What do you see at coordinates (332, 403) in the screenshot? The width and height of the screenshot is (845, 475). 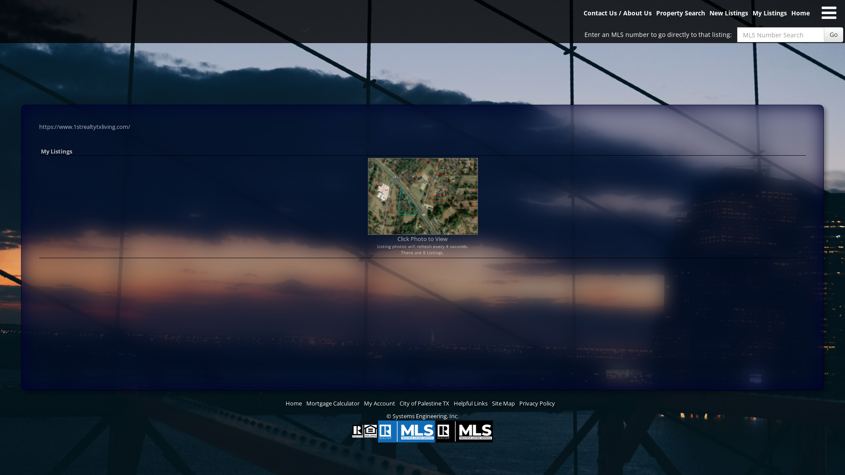 I see `'Mortgage Calculator'` at bounding box center [332, 403].